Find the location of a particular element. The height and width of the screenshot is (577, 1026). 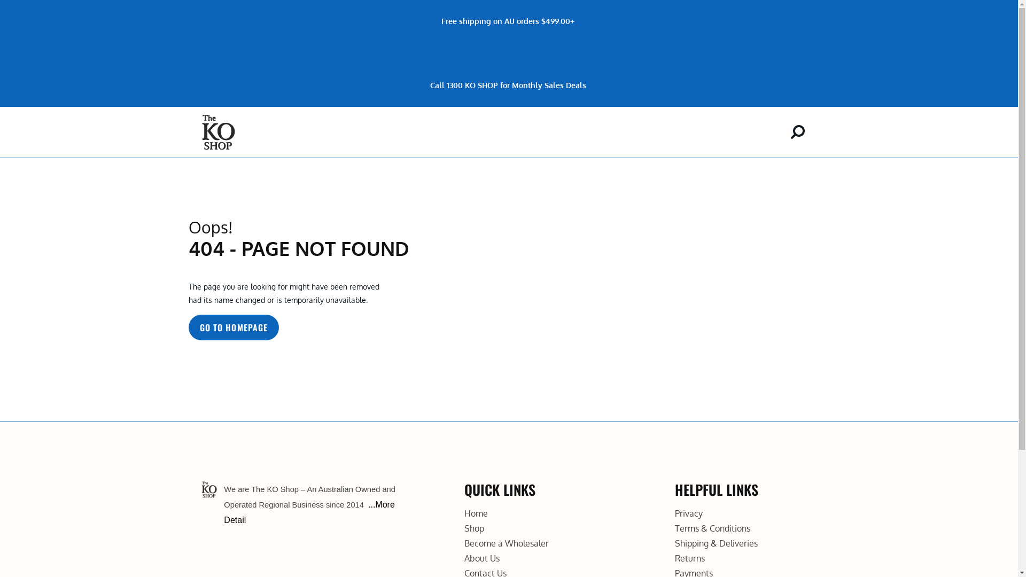

'Become a Wholesaler' is located at coordinates (506, 543).